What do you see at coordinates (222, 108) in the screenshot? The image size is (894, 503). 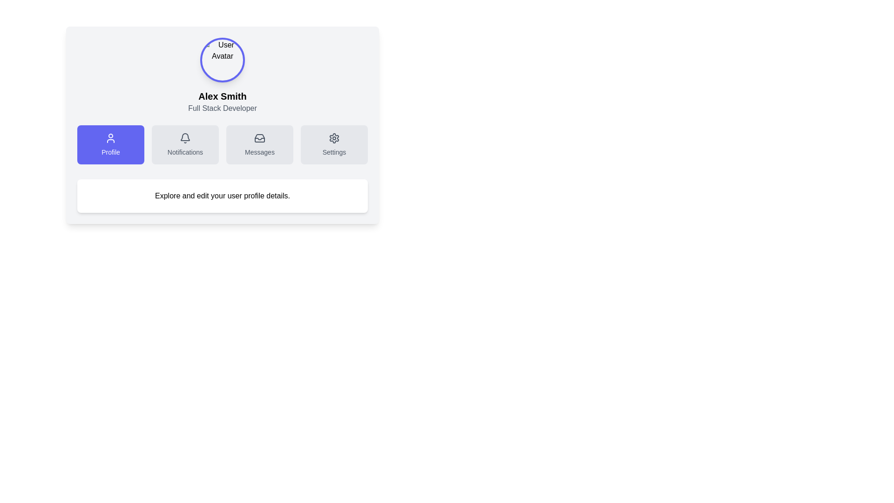 I see `the text label displaying 'Full Stack Developer', which is located below the title 'Alex Smith' and above the interactive buttons in the profile card` at bounding box center [222, 108].